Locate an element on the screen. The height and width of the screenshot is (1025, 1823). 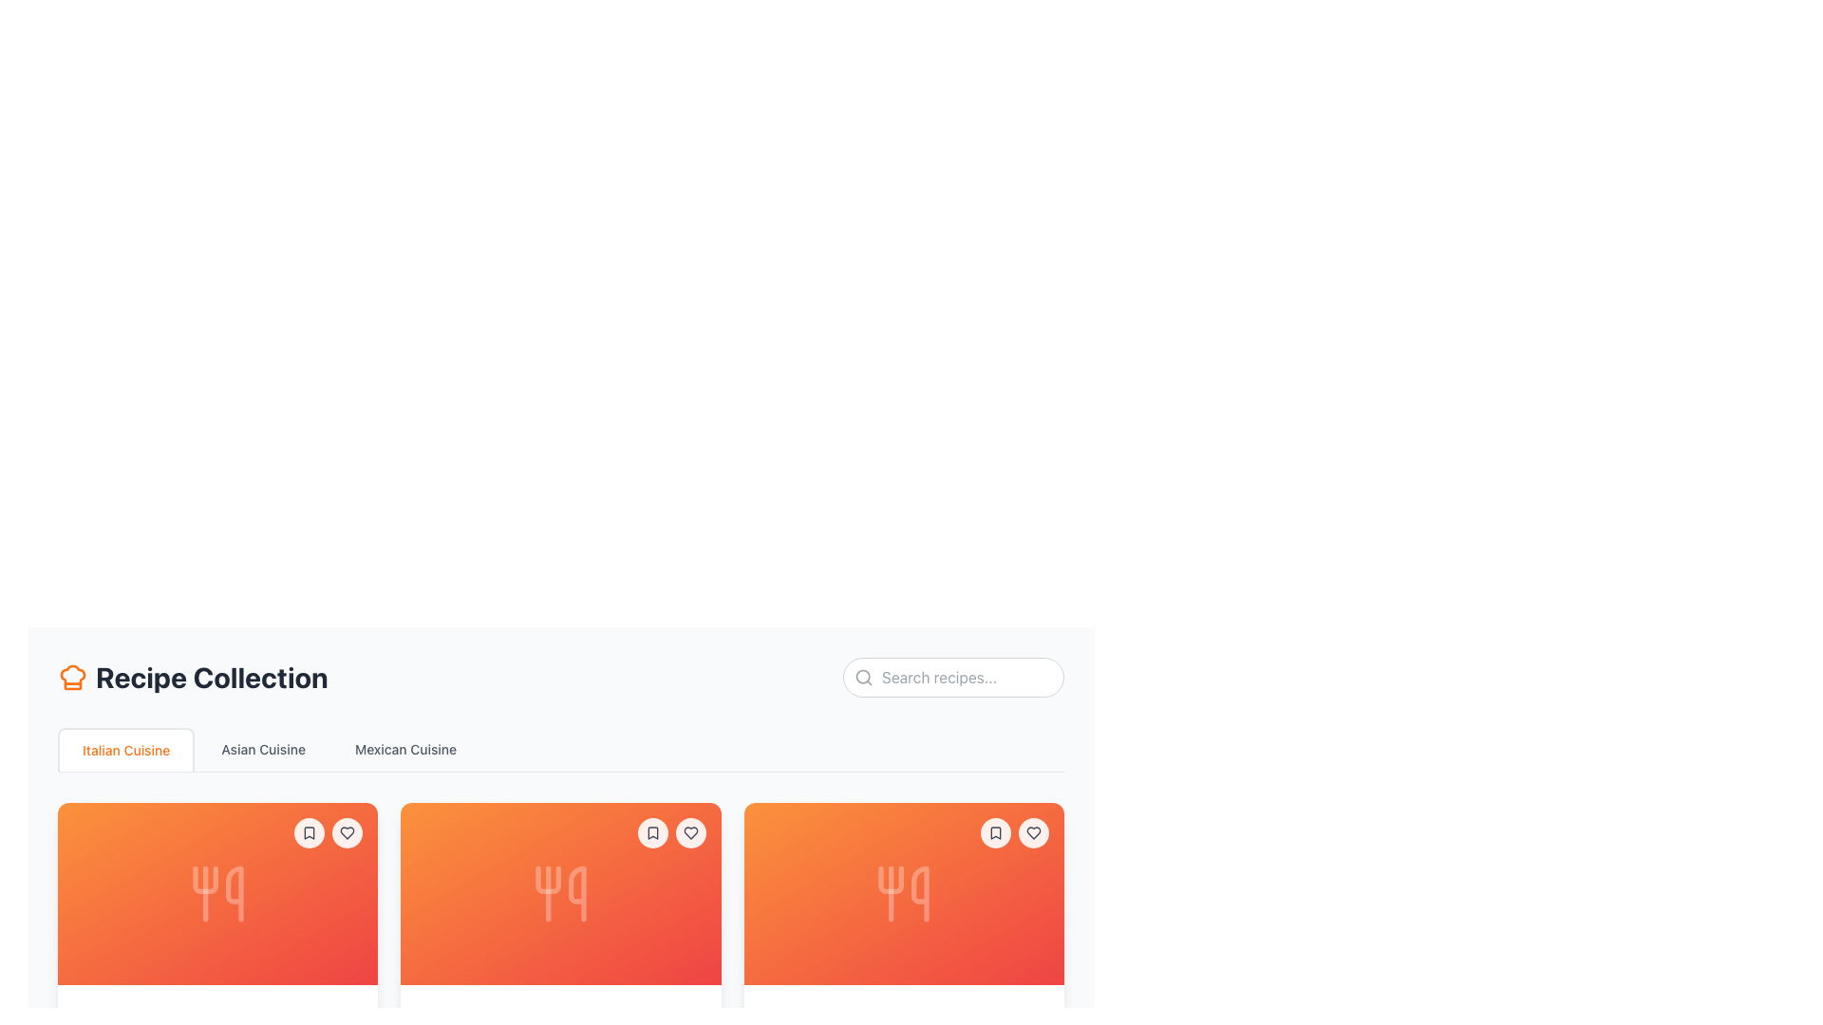
the 'Italian Cuisine' tab, which is the first tab in the horizontal row of three tabs under the 'Recipe Collection' heading is located at coordinates (125, 749).